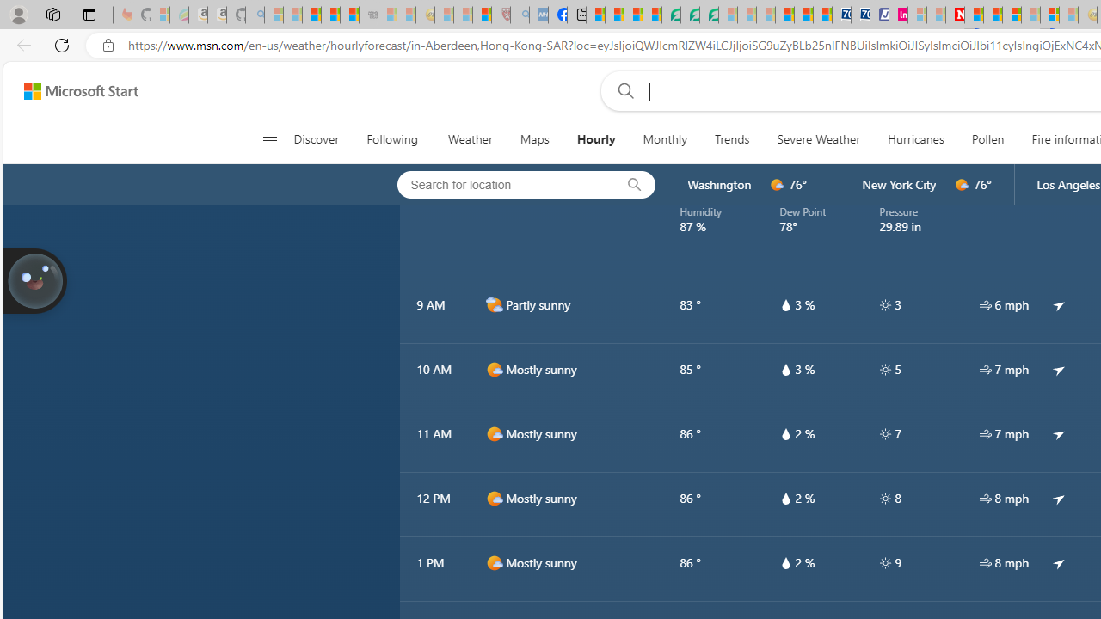 This screenshot has height=619, width=1101. I want to click on 'hourlyTable/drop', so click(784, 562).